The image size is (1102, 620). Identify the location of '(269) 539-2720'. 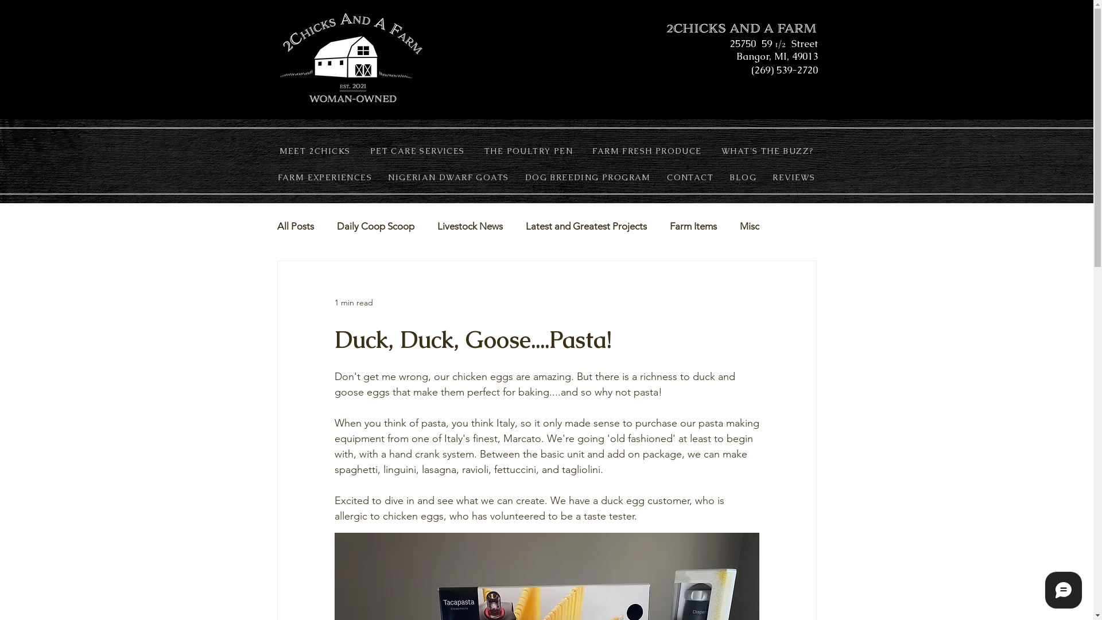
(783, 70).